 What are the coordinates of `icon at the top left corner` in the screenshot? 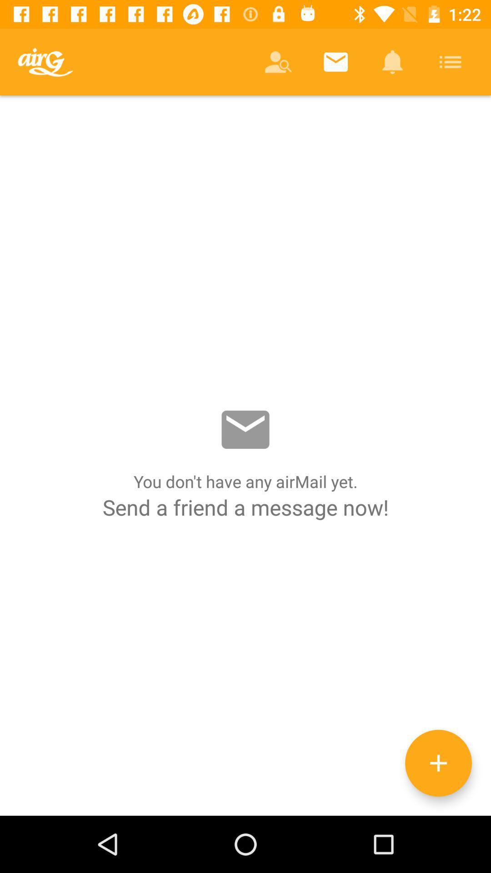 It's located at (45, 61).